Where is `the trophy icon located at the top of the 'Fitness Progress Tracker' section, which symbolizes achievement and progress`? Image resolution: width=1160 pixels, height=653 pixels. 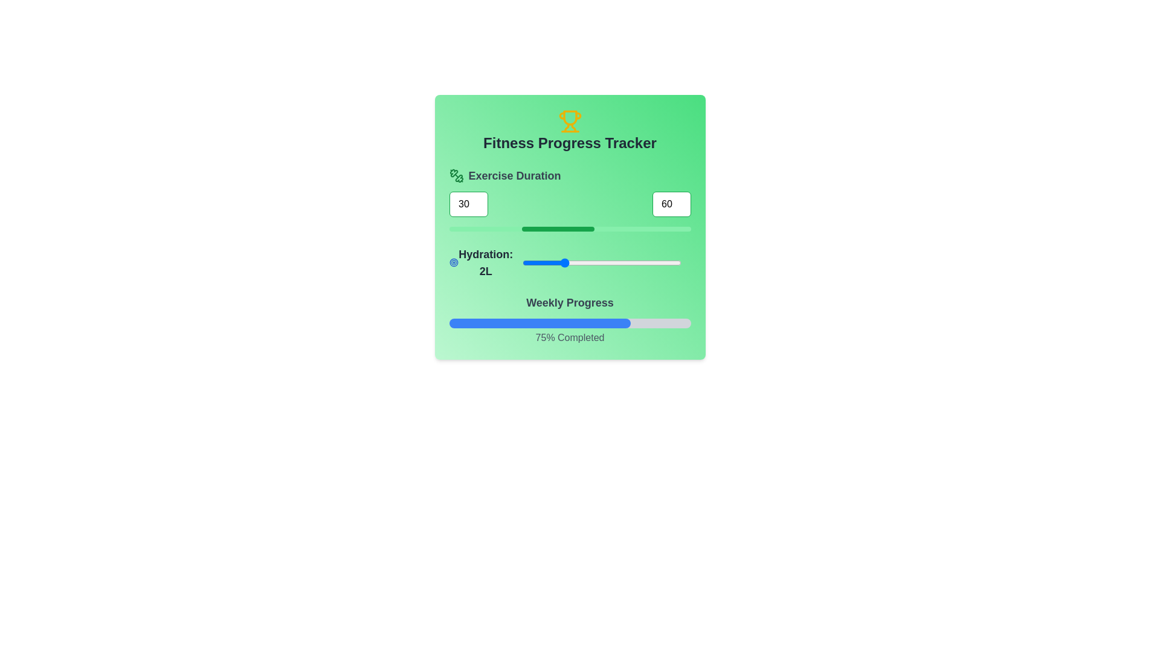 the trophy icon located at the top of the 'Fitness Progress Tracker' section, which symbolizes achievement and progress is located at coordinates (569, 121).